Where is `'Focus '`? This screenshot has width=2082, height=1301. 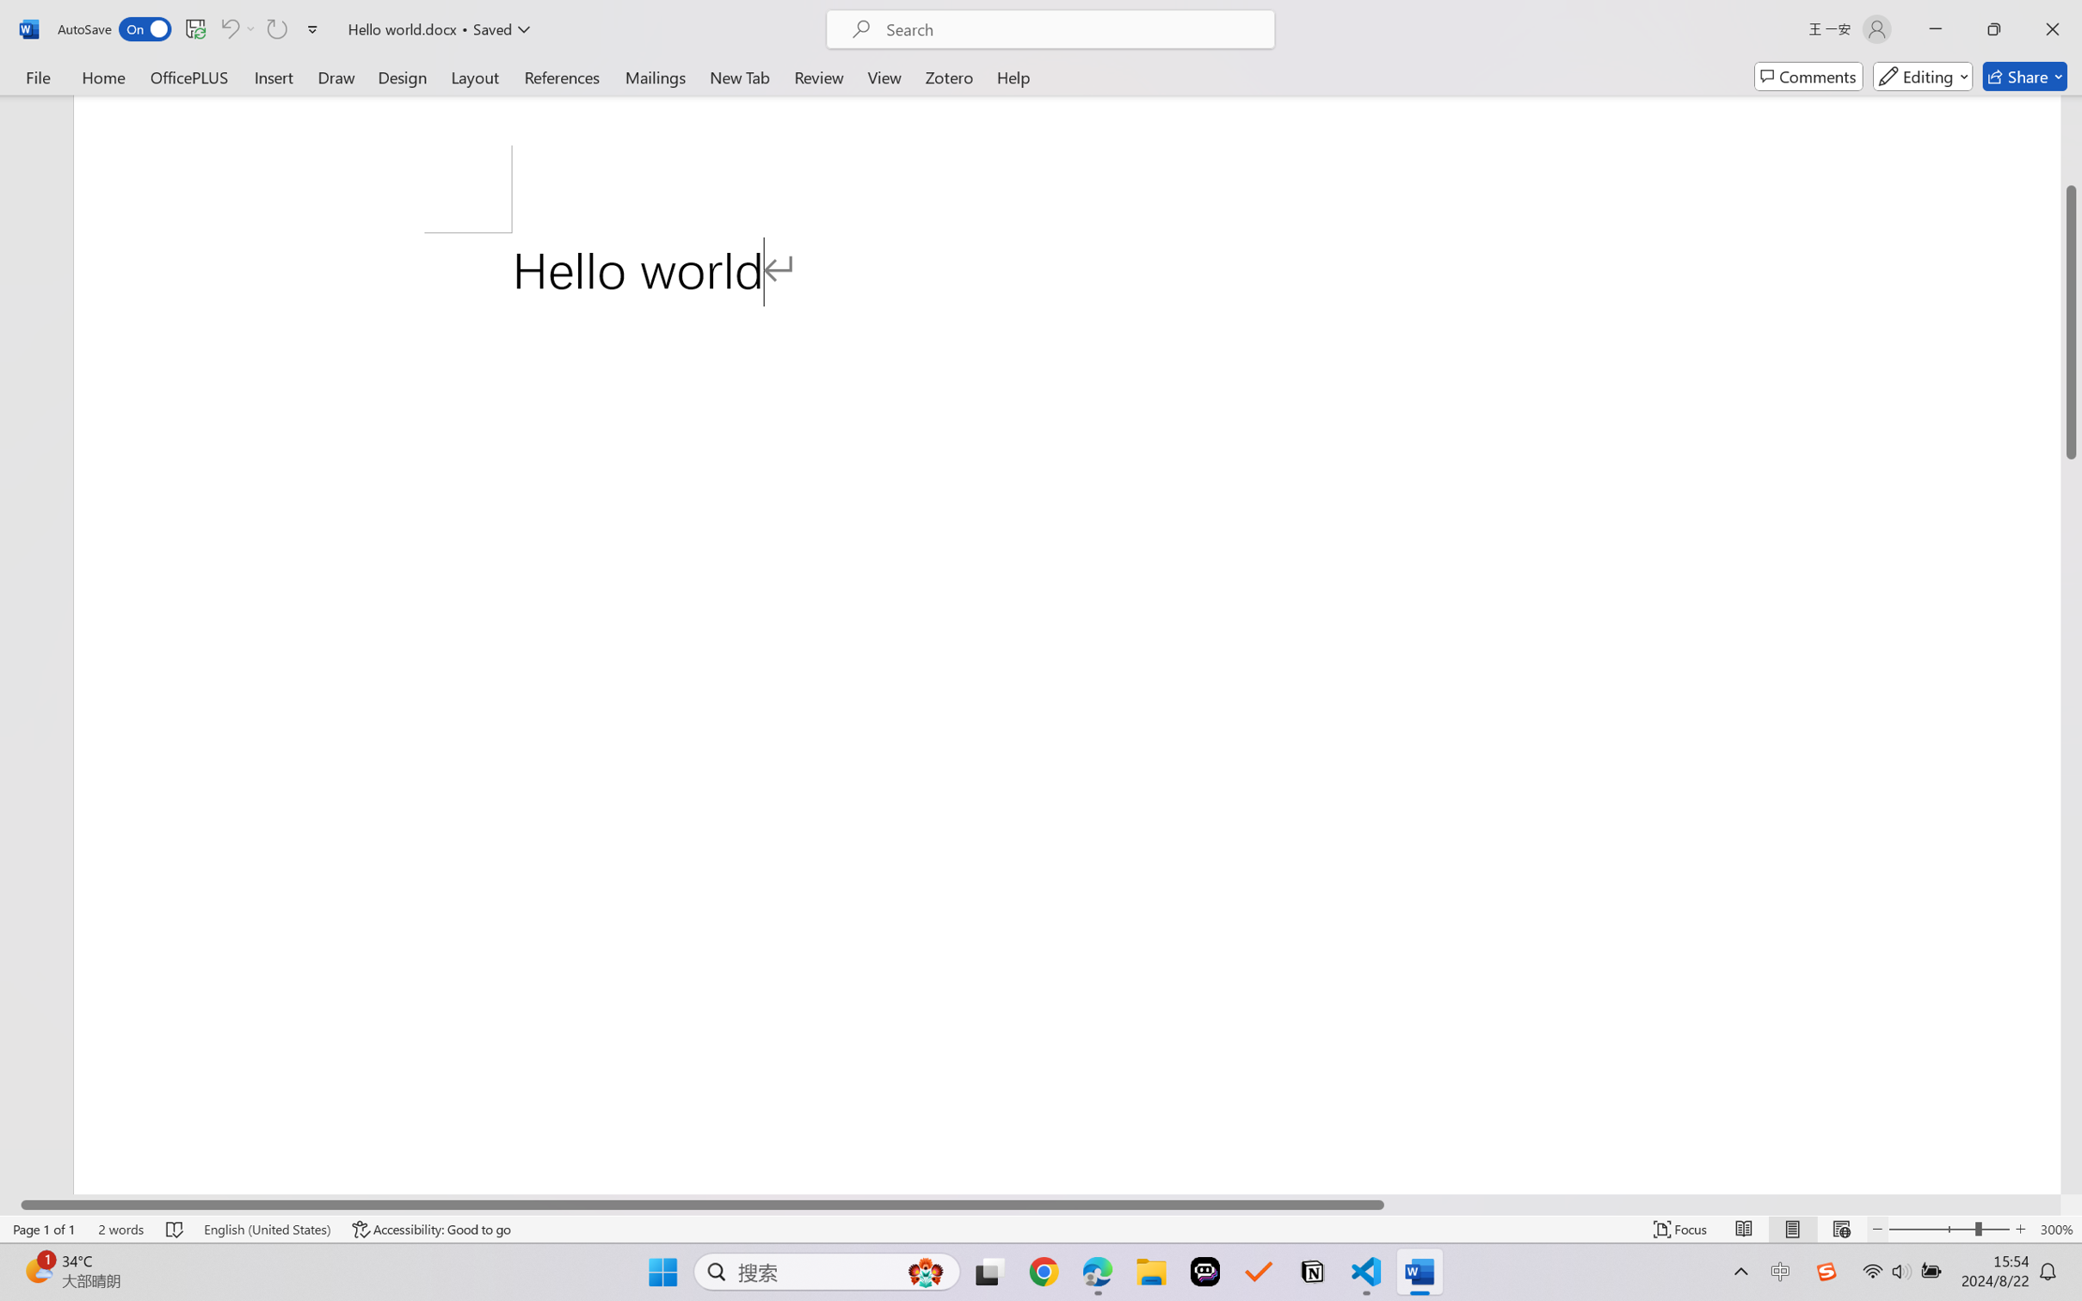
'Focus ' is located at coordinates (1680, 1229).